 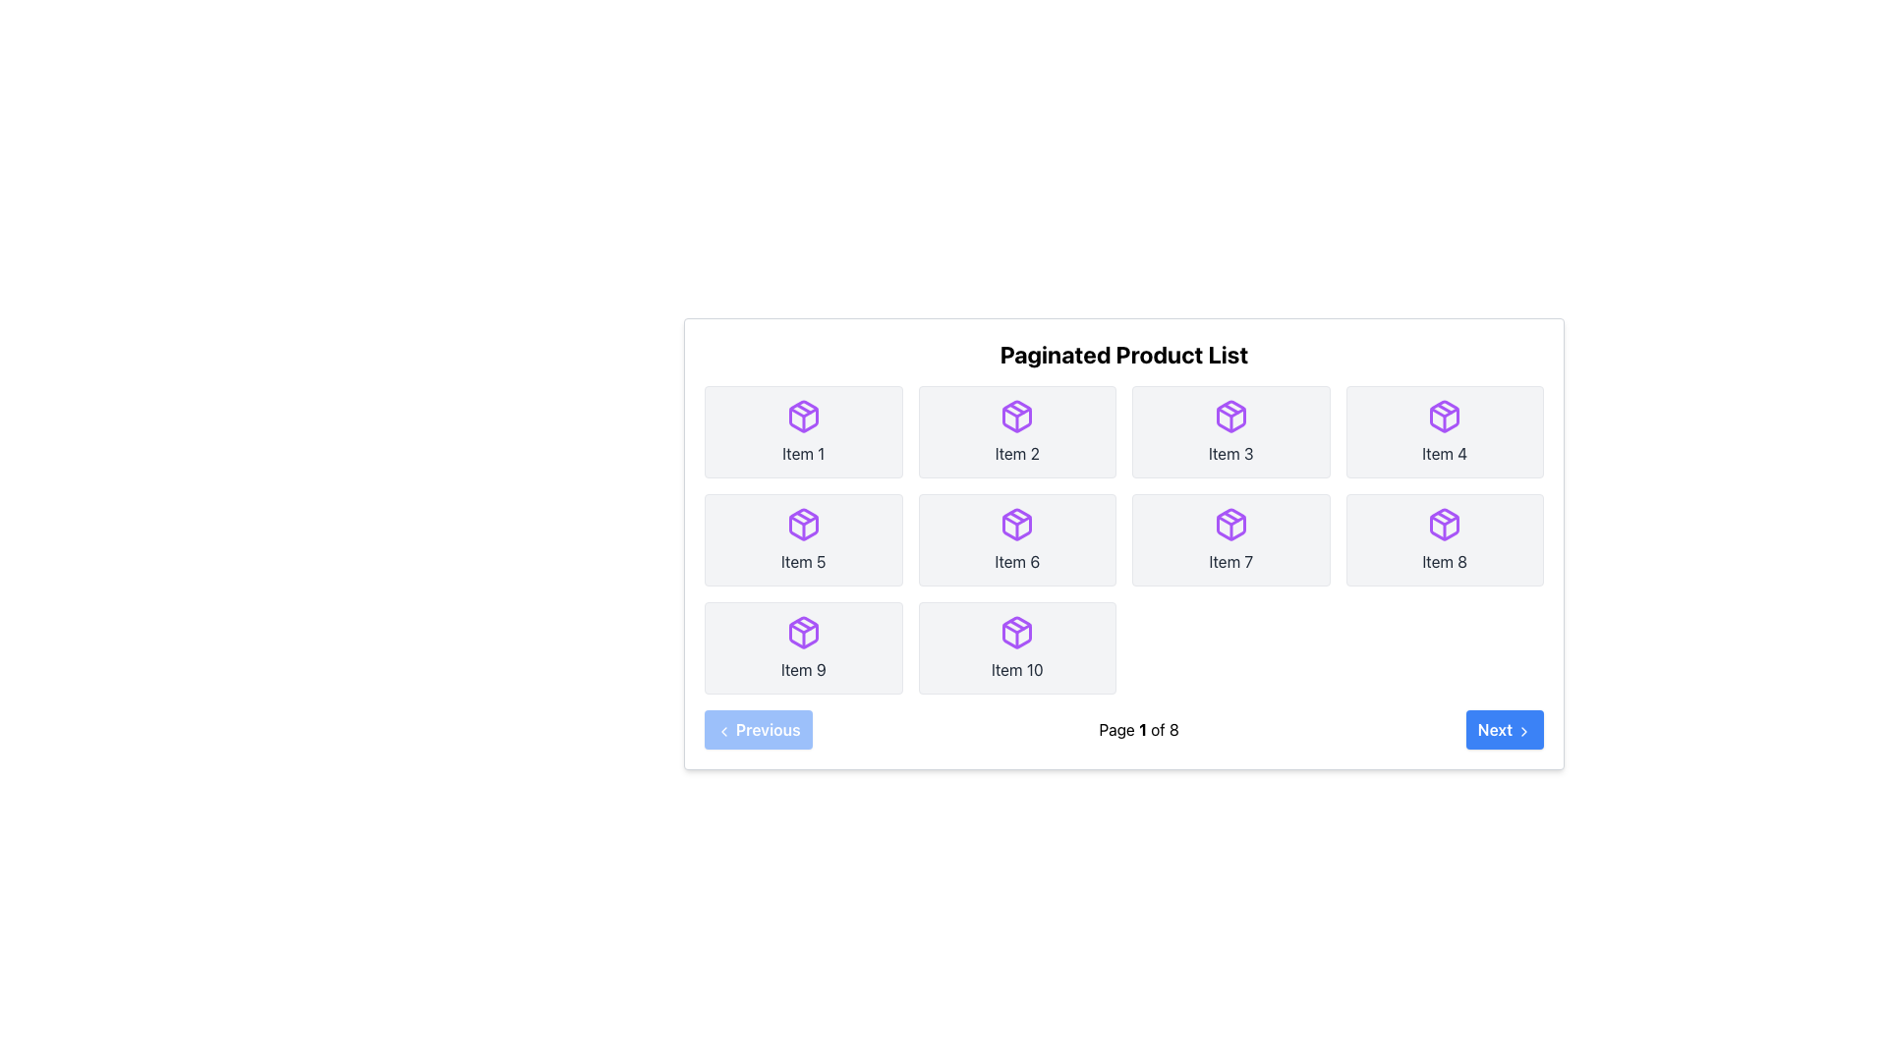 I want to click on the purple box icon in the third row, leftmost column of the paginated product list, so click(x=803, y=633).